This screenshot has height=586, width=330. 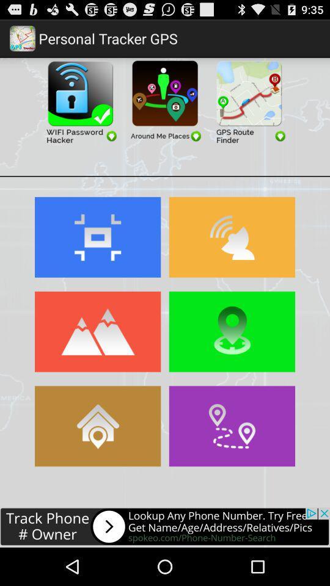 I want to click on terrain, so click(x=97, y=331).